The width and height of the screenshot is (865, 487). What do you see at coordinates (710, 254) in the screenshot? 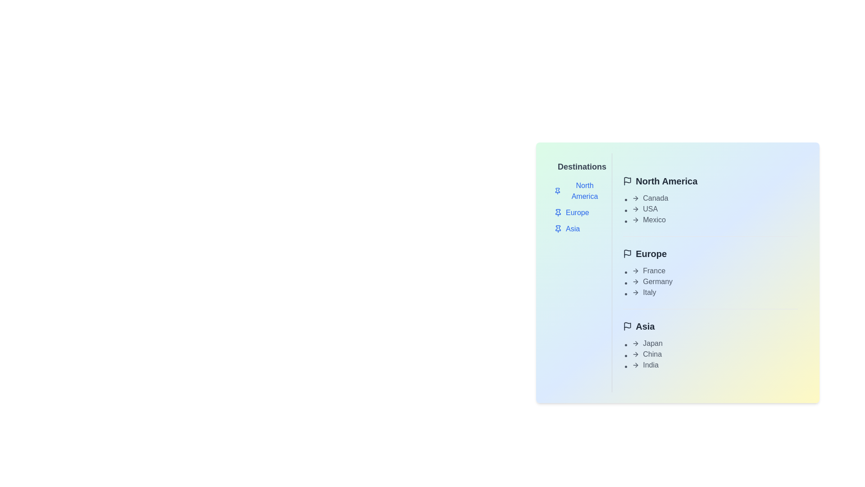
I see `the text-based header for the Europe region` at bounding box center [710, 254].